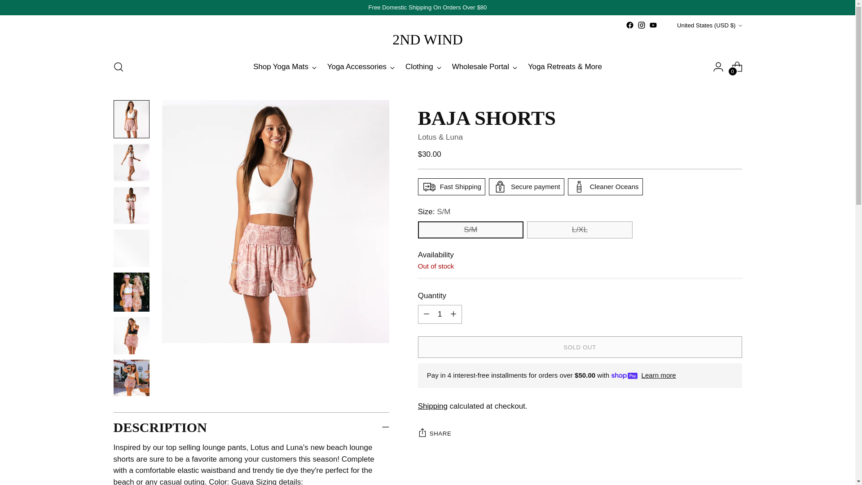 Image resolution: width=862 pixels, height=485 pixels. What do you see at coordinates (433, 406) in the screenshot?
I see `'Shipping'` at bounding box center [433, 406].